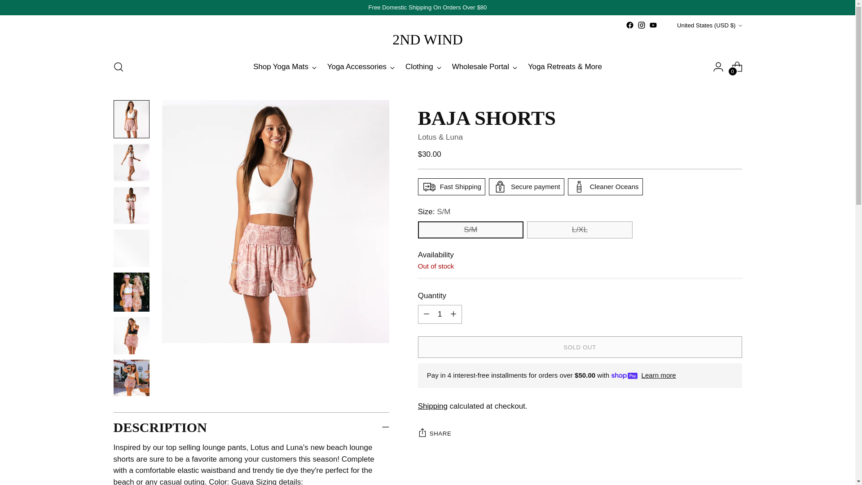 Image resolution: width=862 pixels, height=485 pixels. What do you see at coordinates (433, 406) in the screenshot?
I see `'Shipping'` at bounding box center [433, 406].